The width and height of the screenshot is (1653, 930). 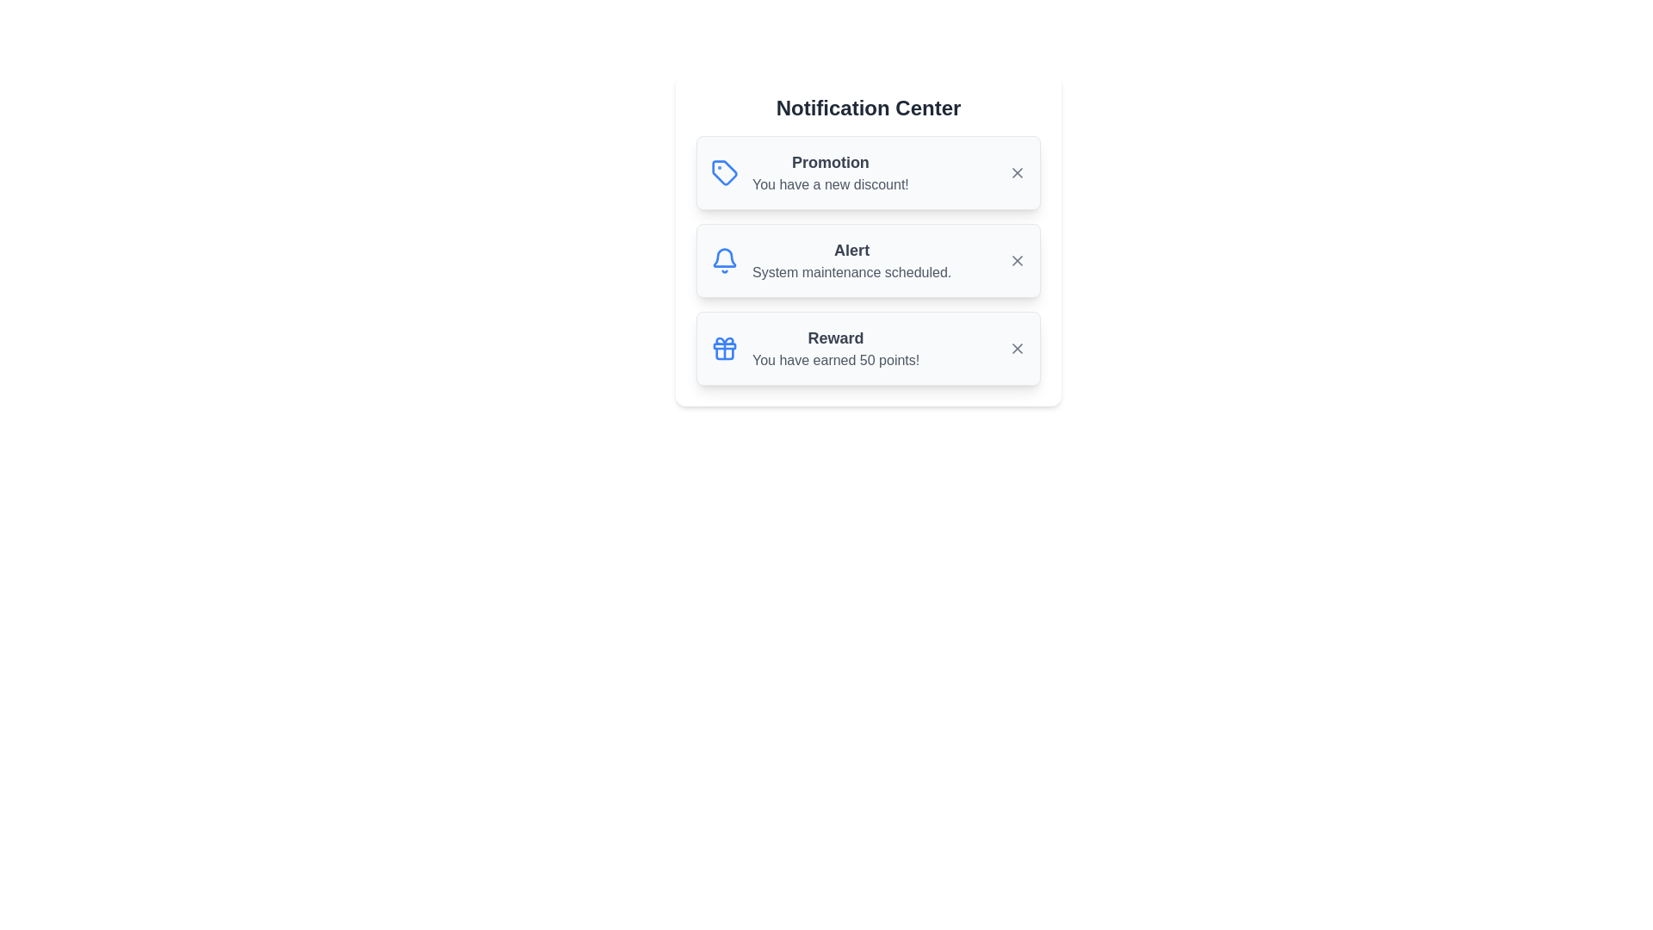 What do you see at coordinates (836, 338) in the screenshot?
I see `the bold dark gray text 'Reward' located in the notification card, positioned to the right of the gift icon and above the description 'You have earned 50 points!'` at bounding box center [836, 338].